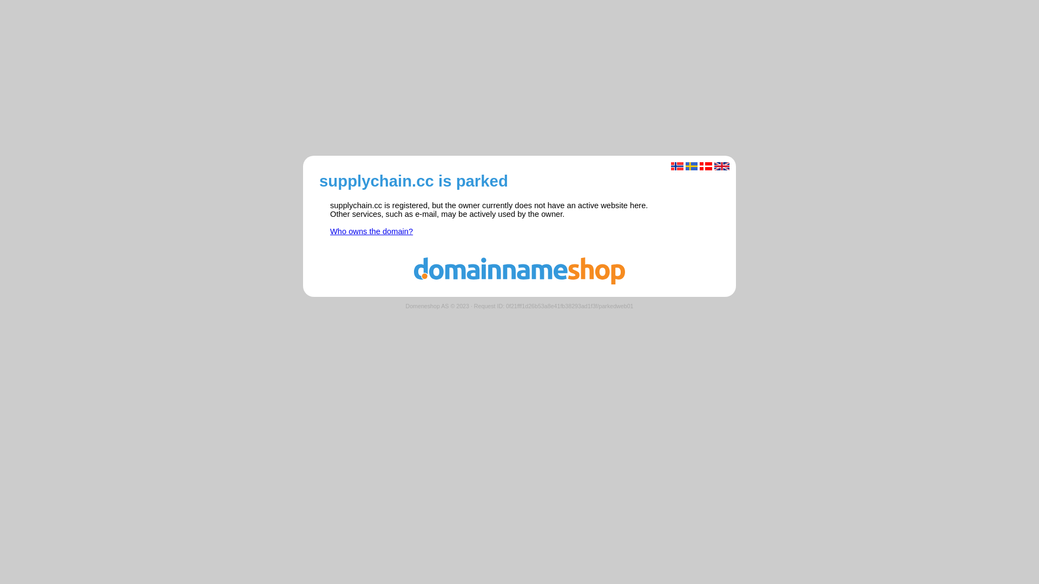 The height and width of the screenshot is (584, 1039). What do you see at coordinates (691, 166) in the screenshot?
I see `'Svenska'` at bounding box center [691, 166].